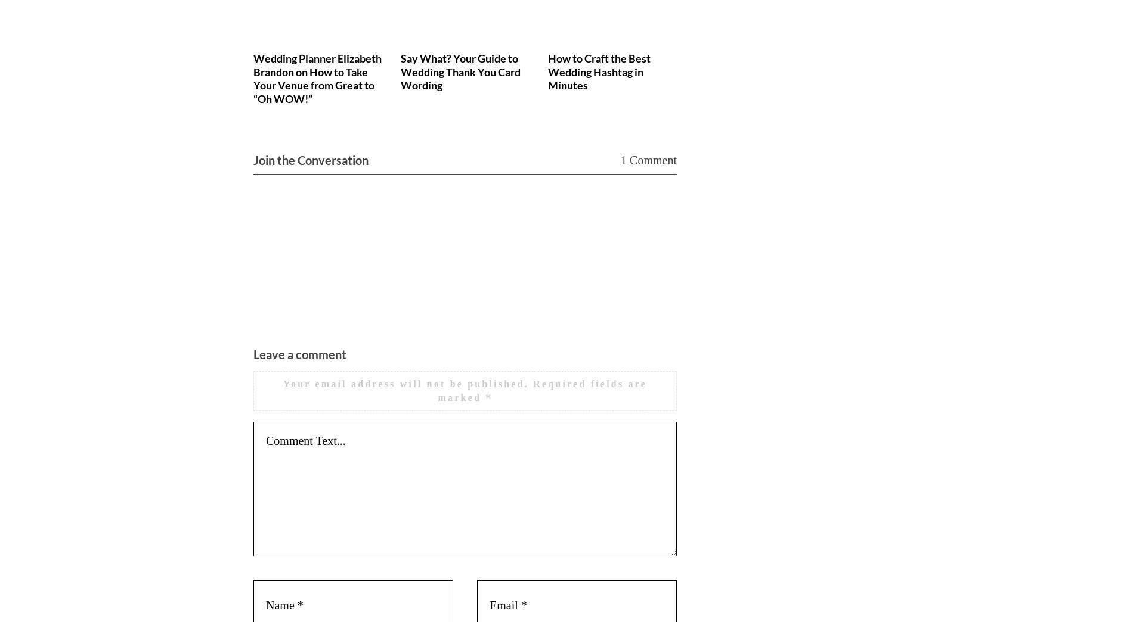  Describe the element at coordinates (750, 64) in the screenshot. I see `'Wedding Planner Q&A: Kristin Banta'` at that location.